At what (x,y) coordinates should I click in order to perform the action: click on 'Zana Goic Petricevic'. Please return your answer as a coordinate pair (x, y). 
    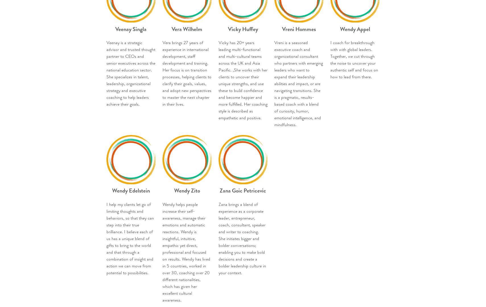
    Looking at the image, I should click on (220, 191).